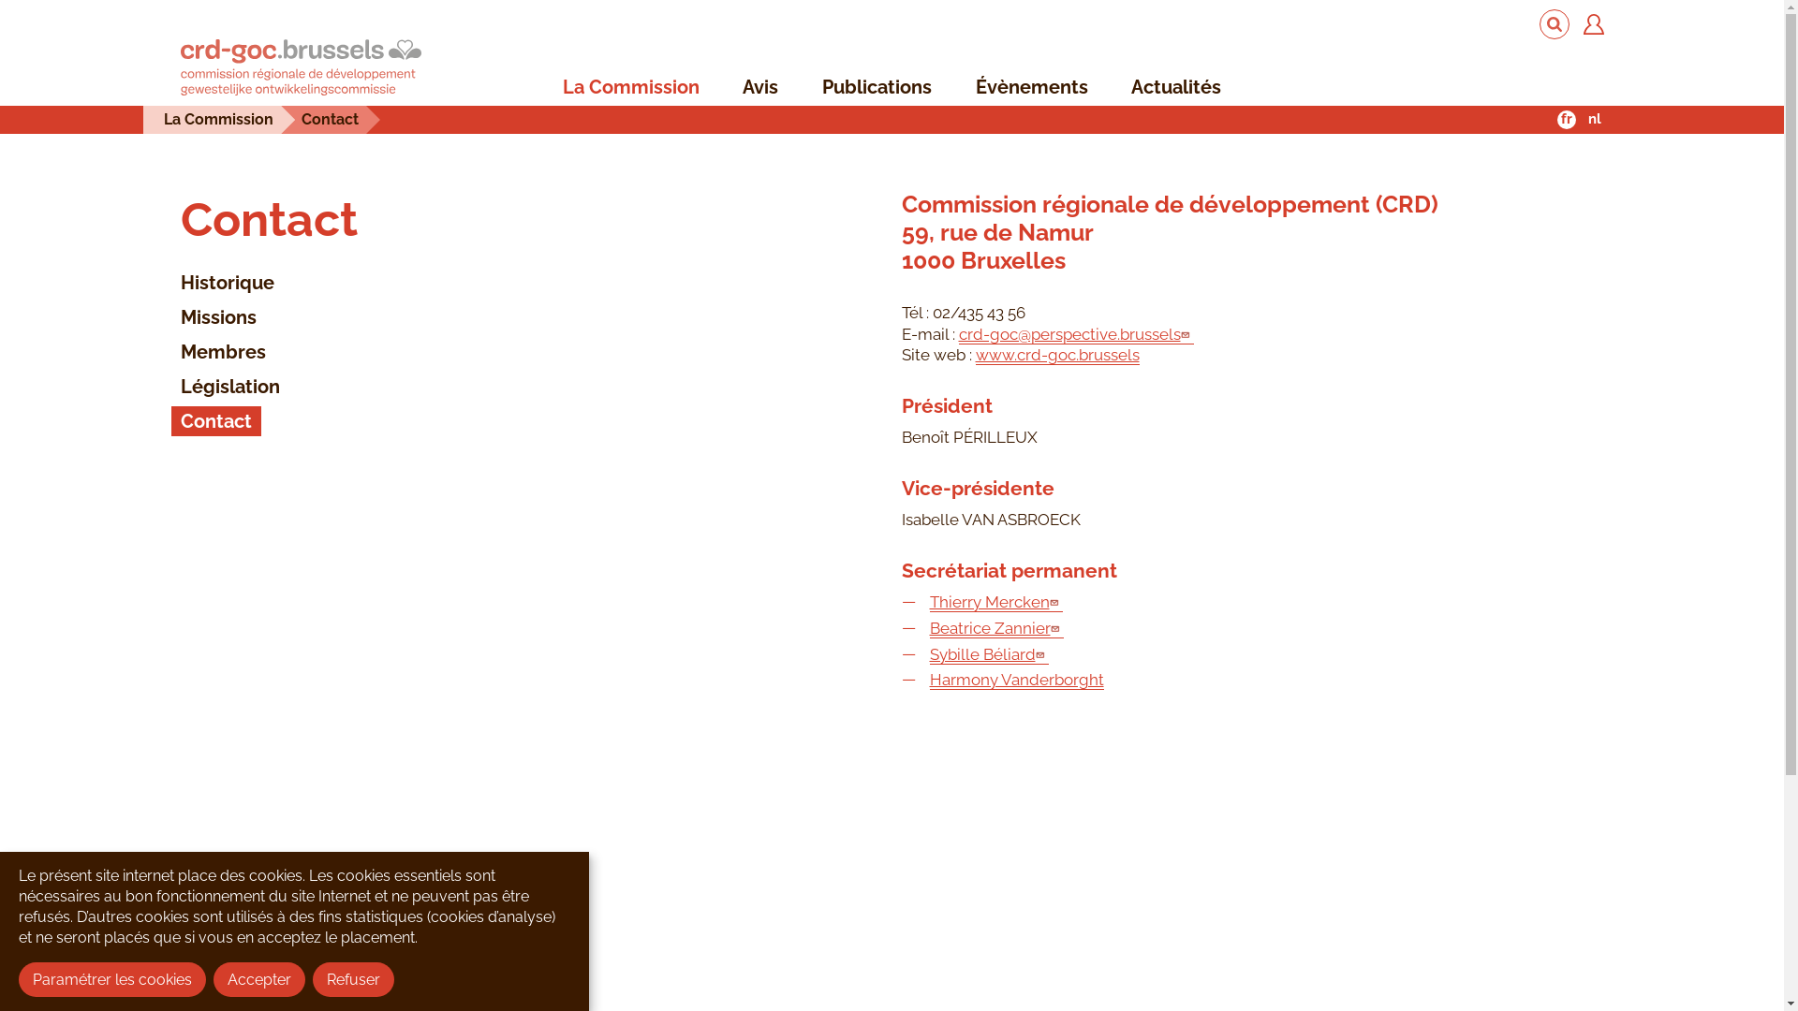 This screenshot has height=1011, width=1798. Describe the element at coordinates (1565, 119) in the screenshot. I see `'fr'` at that location.